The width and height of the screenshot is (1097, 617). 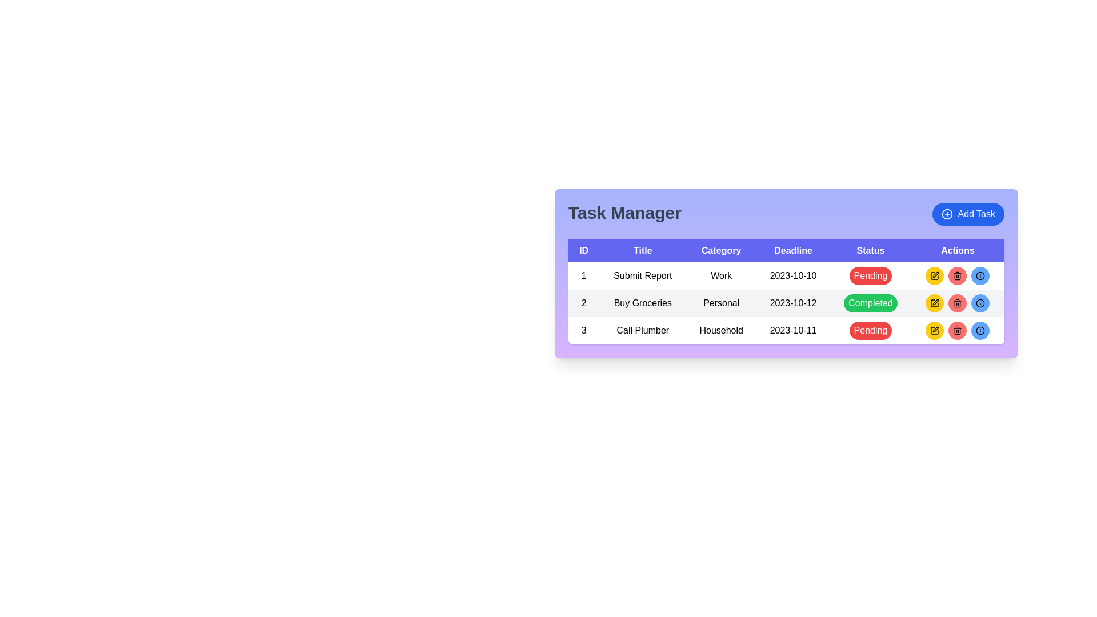 I want to click on the pill-shaped button labeled 'Pending' with a red background in the 'Status' column of the first row under the 'Task Manager' heading to interact with the 'Submit Report' task, so click(x=870, y=275).